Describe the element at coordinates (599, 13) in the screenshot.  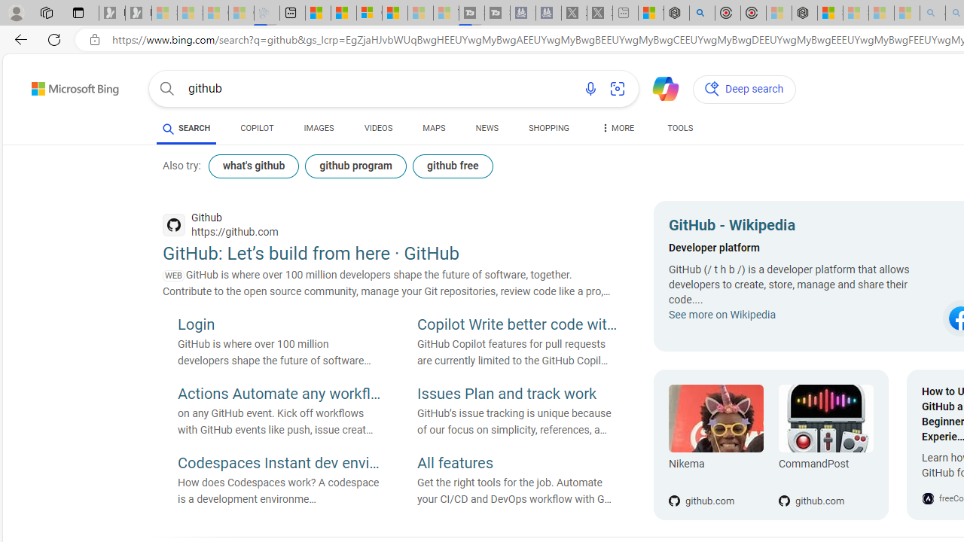
I see `'X - Sleeping'` at that location.